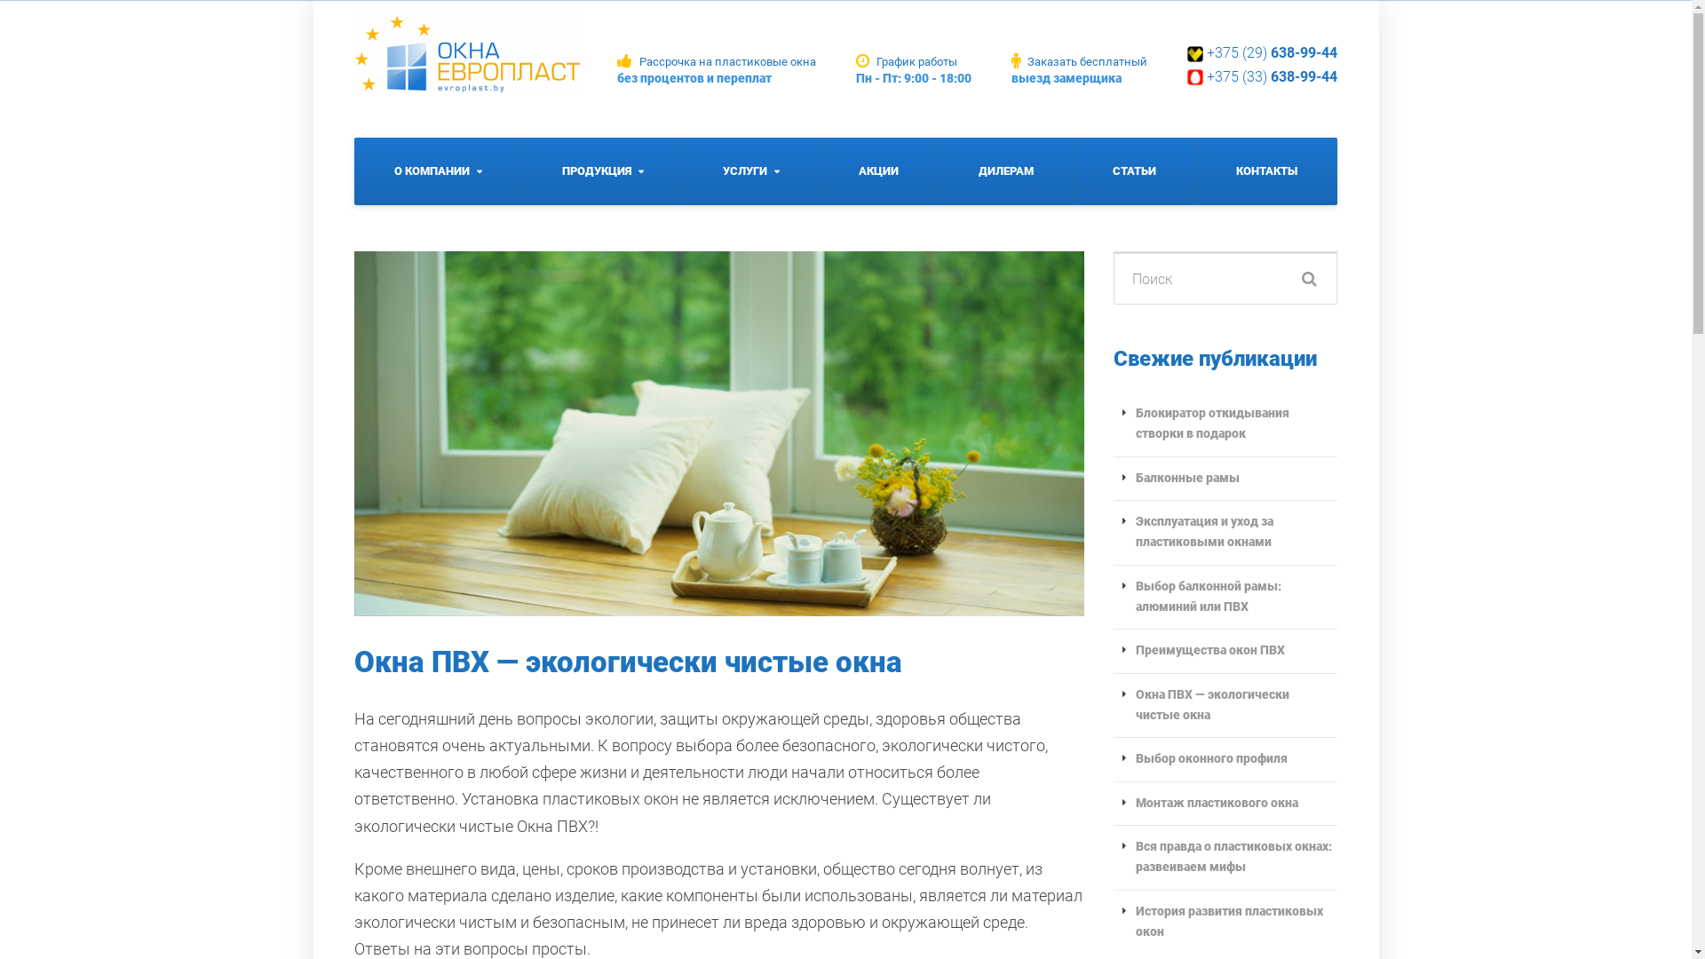 This screenshot has width=1705, height=959. I want to click on '+375 (33) 638-99-44', so click(1206, 75).